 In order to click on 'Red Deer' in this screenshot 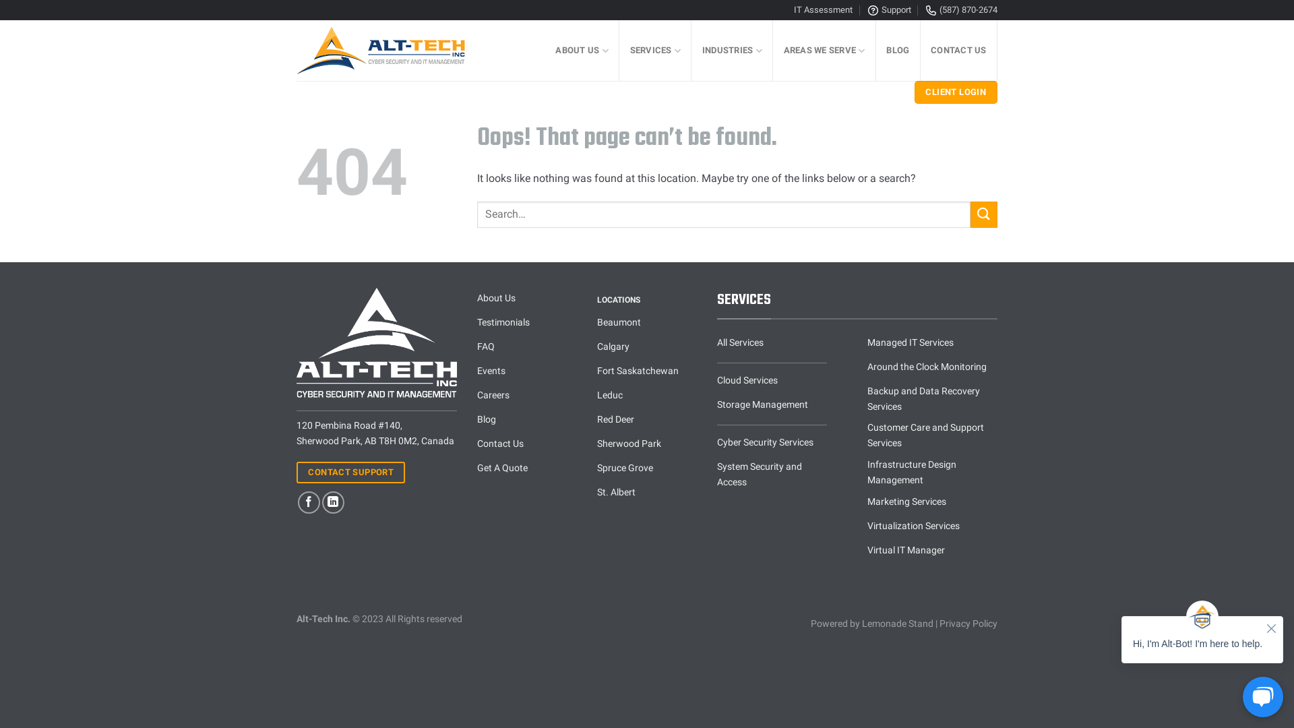, I will do `click(647, 420)`.